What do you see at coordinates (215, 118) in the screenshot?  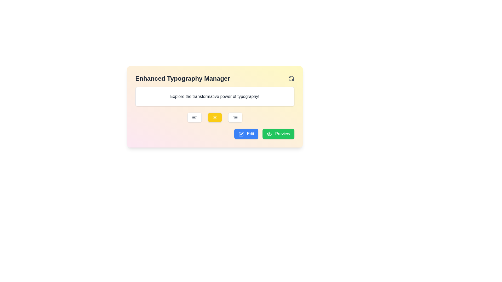 I see `the center alignment button located between the left and right alignment buttons` at bounding box center [215, 118].